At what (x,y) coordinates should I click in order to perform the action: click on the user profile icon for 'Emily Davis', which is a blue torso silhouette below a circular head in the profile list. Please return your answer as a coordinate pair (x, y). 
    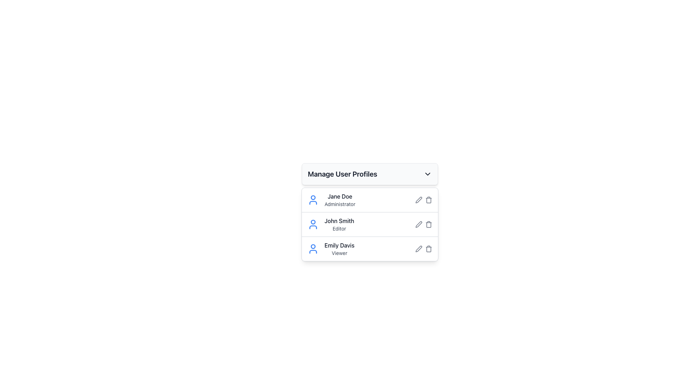
    Looking at the image, I should click on (313, 251).